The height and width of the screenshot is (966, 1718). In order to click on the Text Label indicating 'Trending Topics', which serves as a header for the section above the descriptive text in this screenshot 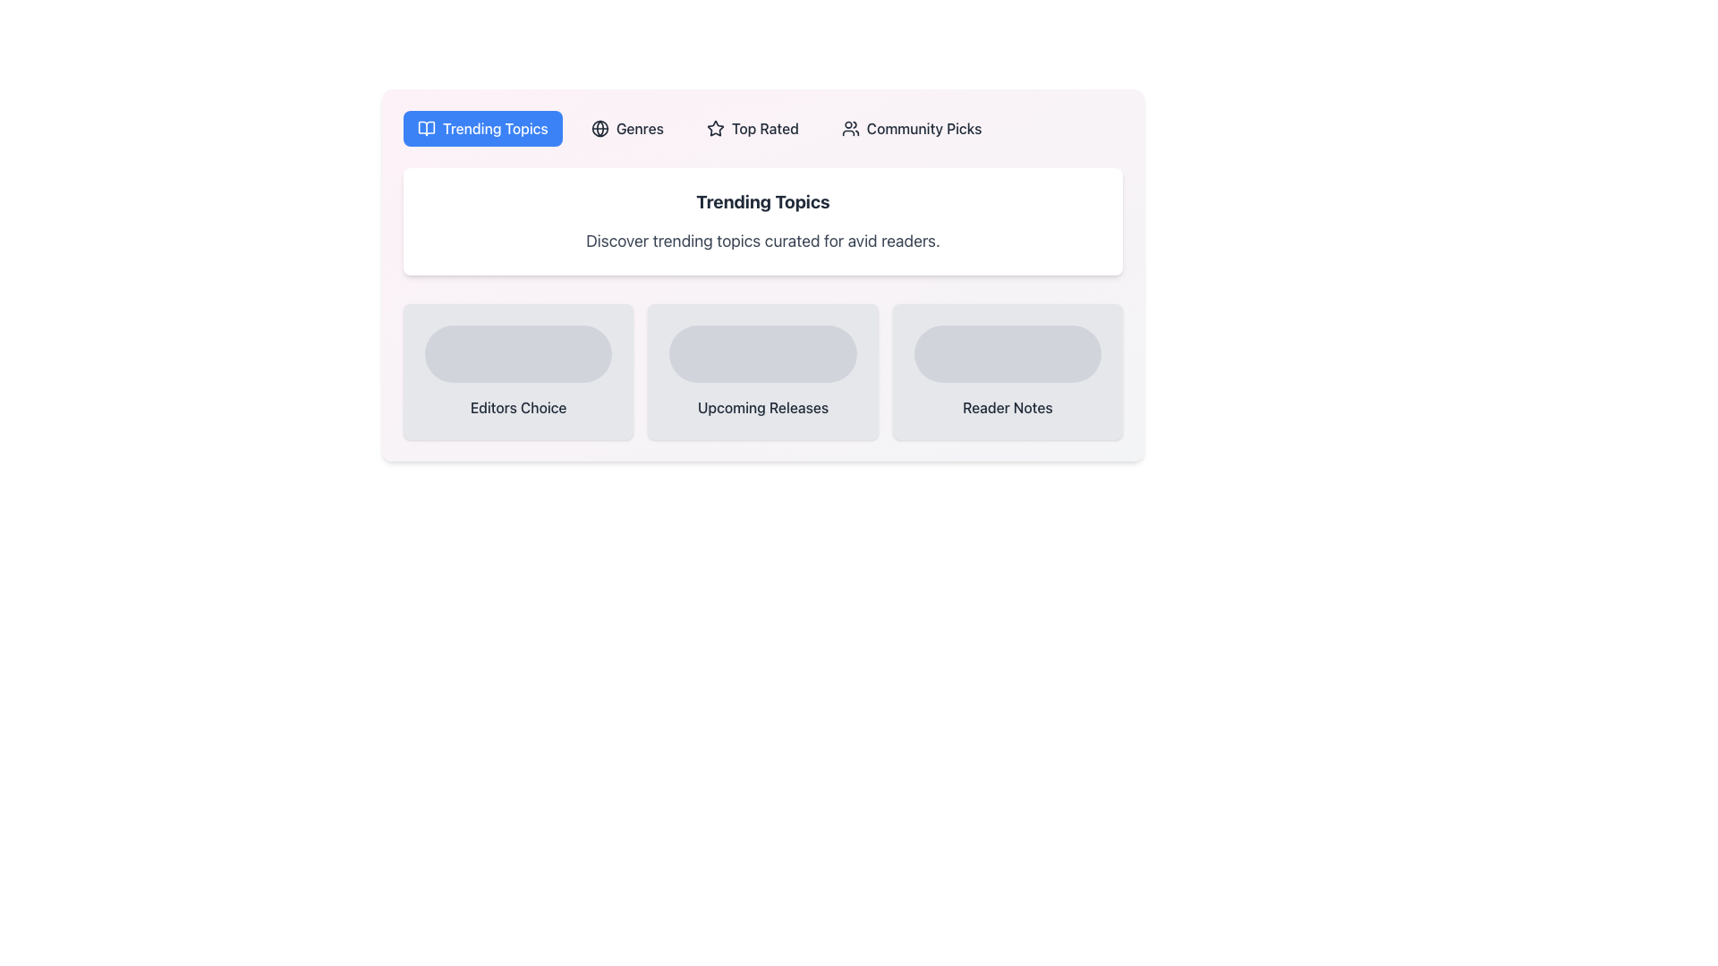, I will do `click(763, 201)`.